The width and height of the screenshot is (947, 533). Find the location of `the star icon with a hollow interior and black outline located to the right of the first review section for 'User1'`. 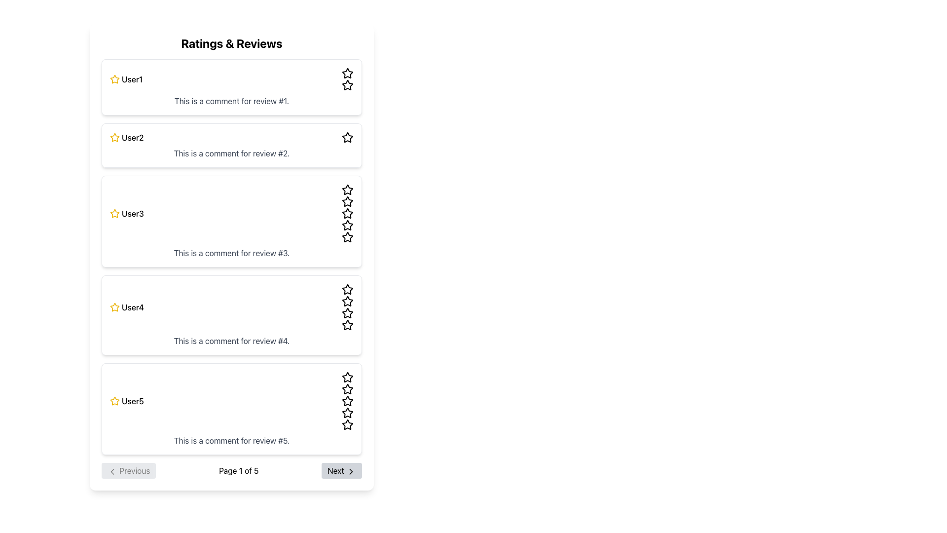

the star icon with a hollow interior and black outline located to the right of the first review section for 'User1' is located at coordinates (348, 73).